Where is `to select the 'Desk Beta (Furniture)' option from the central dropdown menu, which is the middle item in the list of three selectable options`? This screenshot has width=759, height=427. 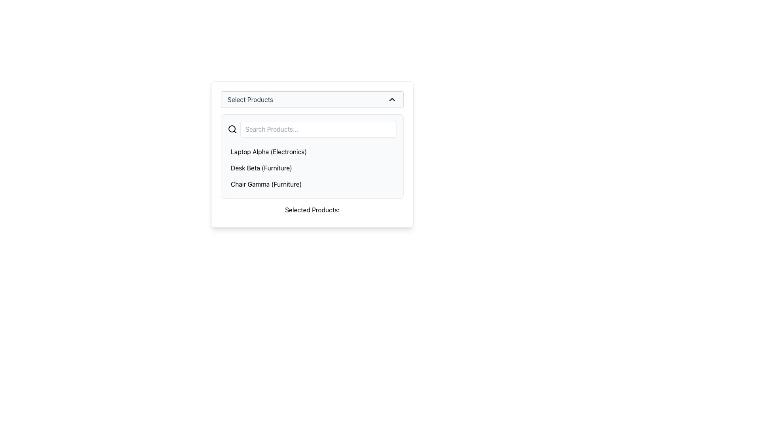
to select the 'Desk Beta (Furniture)' option from the central dropdown menu, which is the middle item in the list of three selectable options is located at coordinates (312, 167).